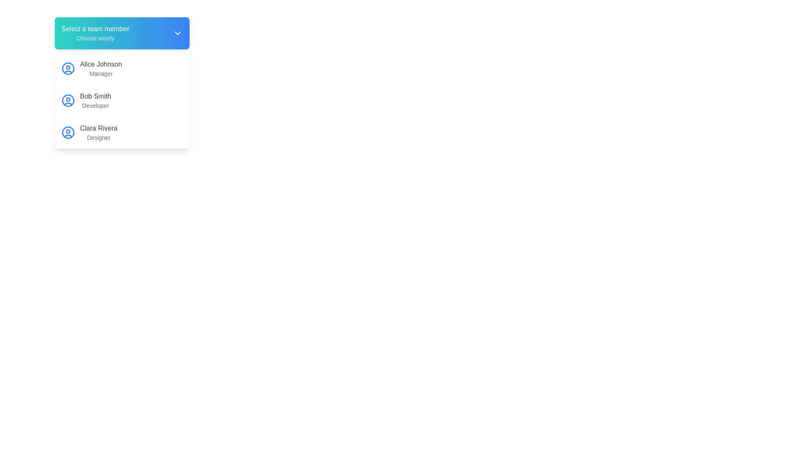 This screenshot has width=809, height=455. What do you see at coordinates (121, 68) in the screenshot?
I see `the first selectable list item in the dropdown menu titled 'Select a team member'` at bounding box center [121, 68].